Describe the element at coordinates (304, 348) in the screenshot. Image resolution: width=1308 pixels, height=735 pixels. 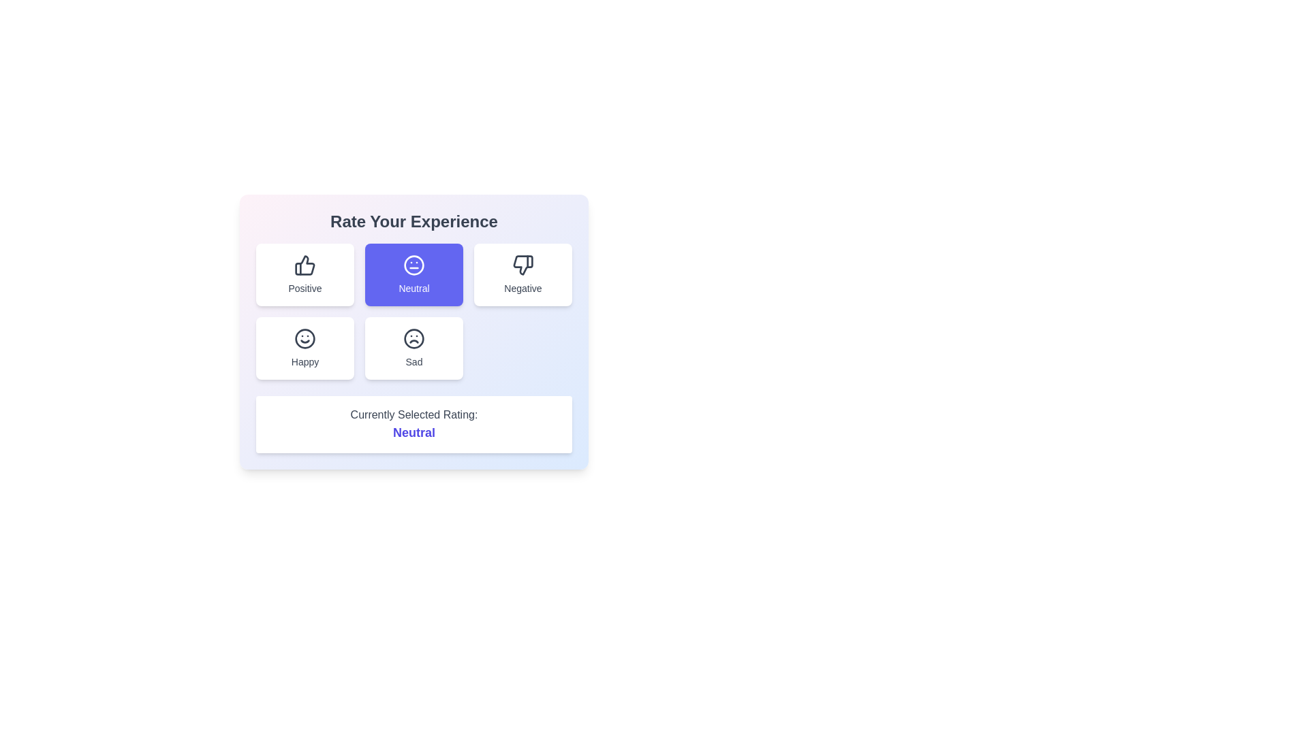
I see `the button labeled Happy to see its hover effect` at that location.